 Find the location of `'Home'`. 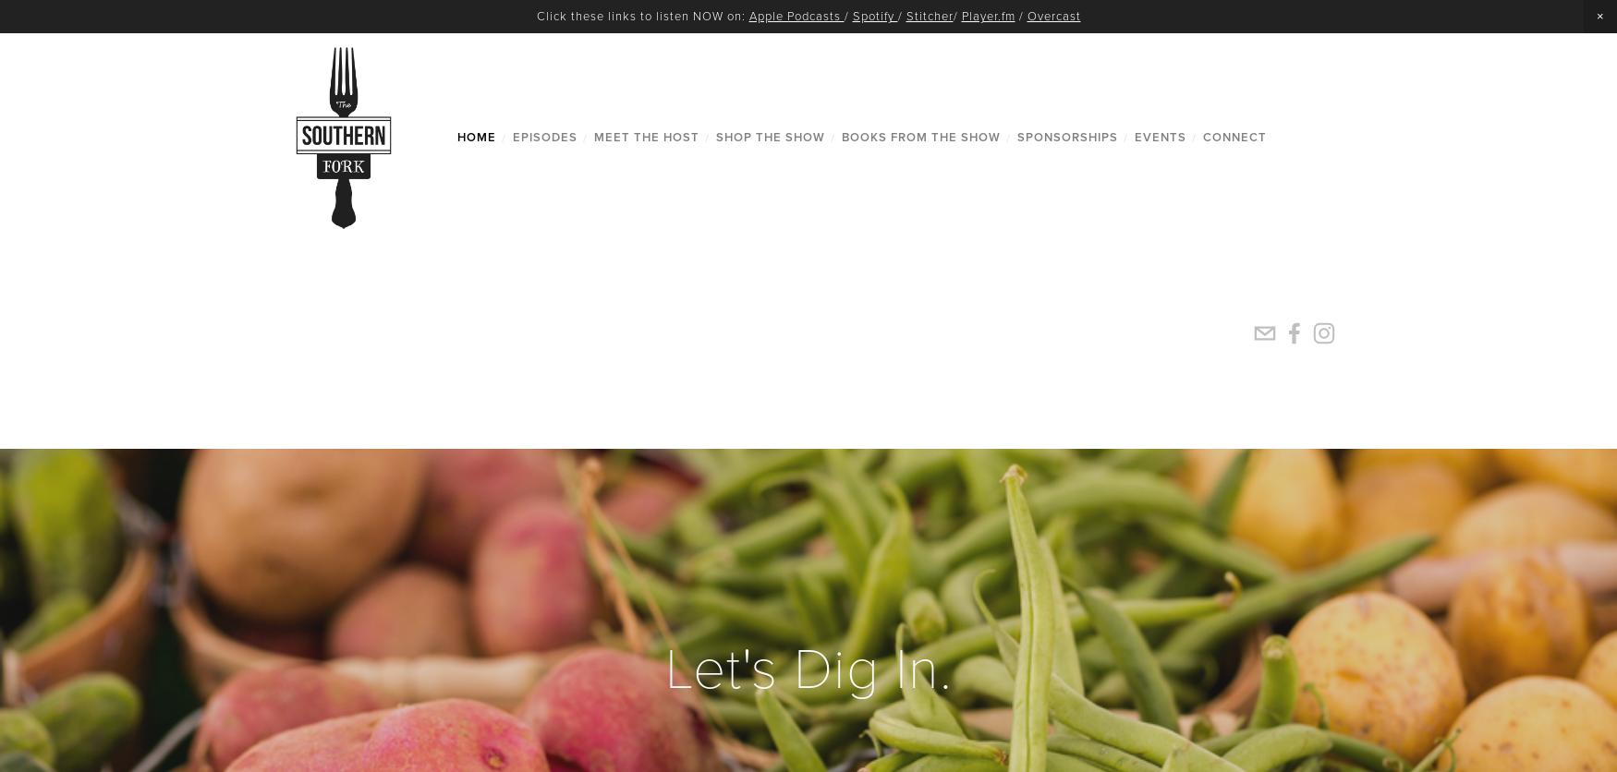

'Home' is located at coordinates (456, 136).